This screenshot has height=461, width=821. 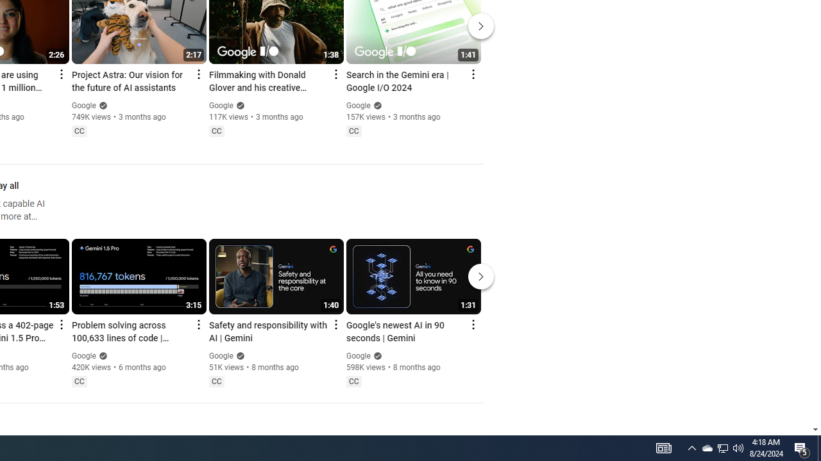 What do you see at coordinates (353, 380) in the screenshot?
I see `'Closed captions'` at bounding box center [353, 380].